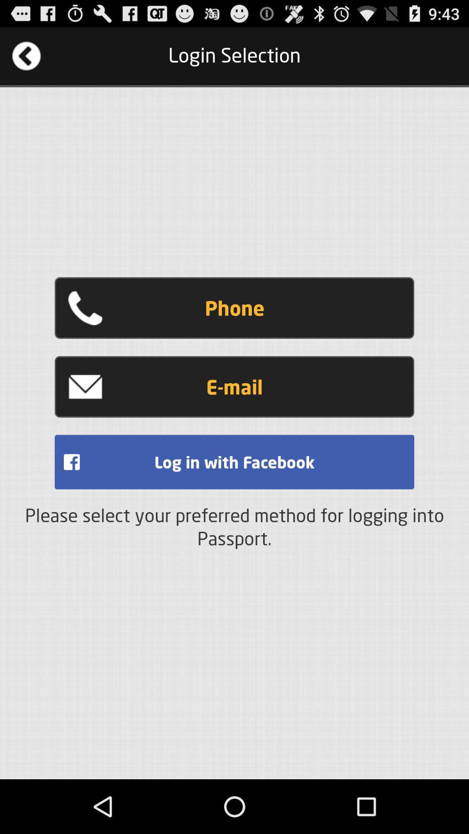 The image size is (469, 834). Describe the element at coordinates (234, 386) in the screenshot. I see `e-mail icon` at that location.